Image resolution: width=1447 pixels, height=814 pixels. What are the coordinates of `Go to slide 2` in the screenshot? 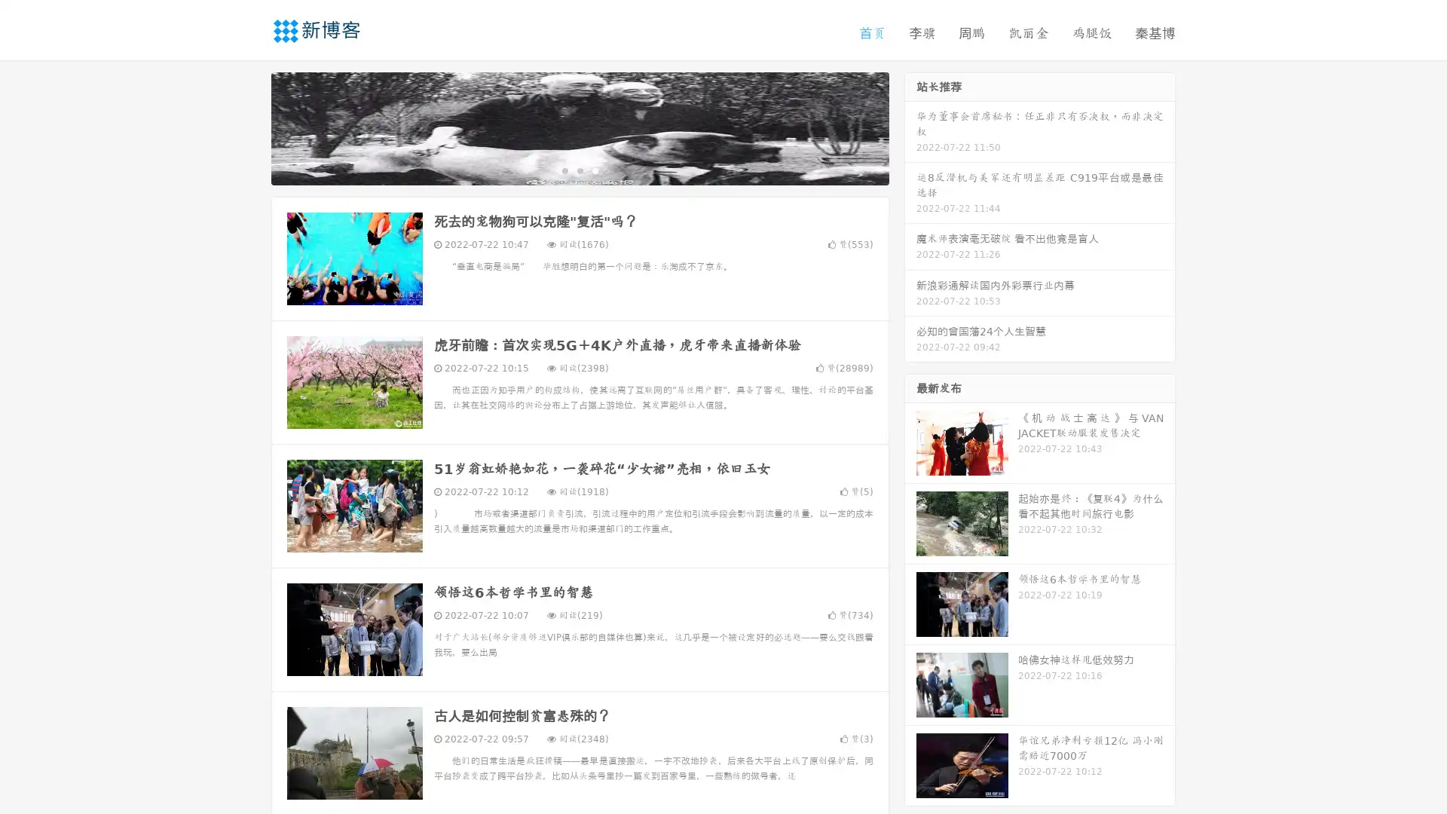 It's located at (579, 170).